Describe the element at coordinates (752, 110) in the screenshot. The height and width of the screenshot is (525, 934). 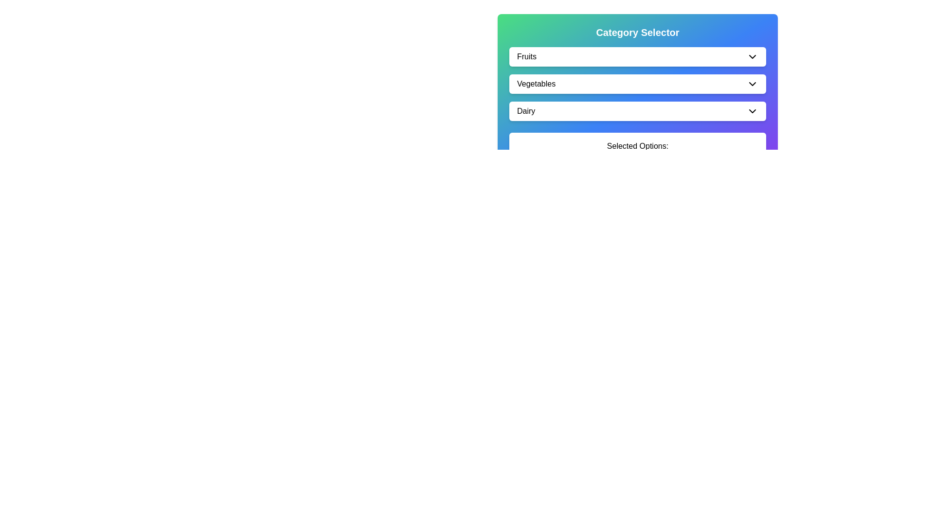
I see `the chevron down icon located at the far right of the 'Dairy' category in the dropdown menu` at that location.